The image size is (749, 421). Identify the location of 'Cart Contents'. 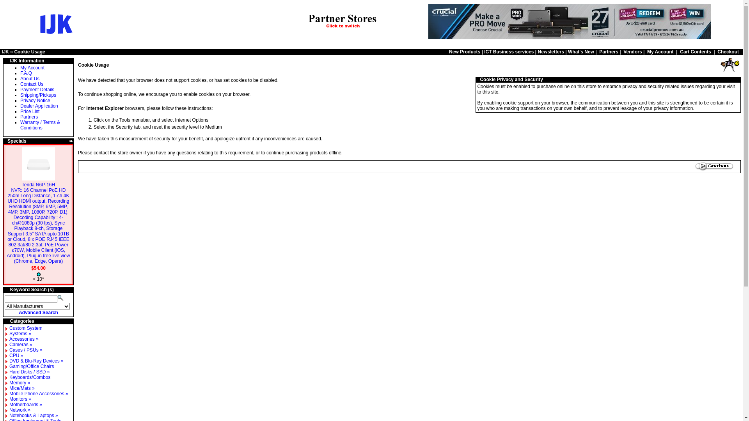
(695, 51).